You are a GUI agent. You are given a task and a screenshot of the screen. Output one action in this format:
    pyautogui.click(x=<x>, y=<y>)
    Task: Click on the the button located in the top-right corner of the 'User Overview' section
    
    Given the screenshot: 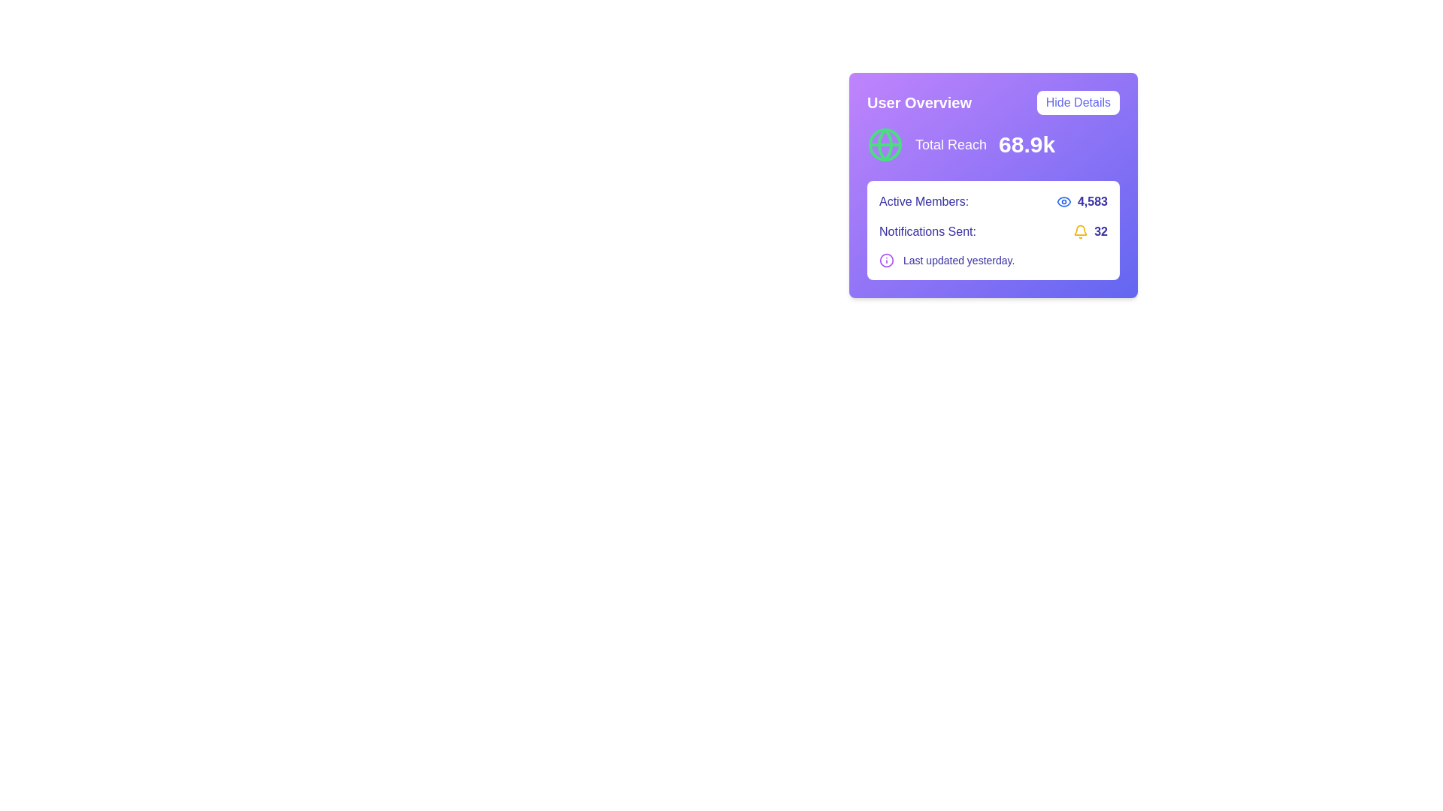 What is the action you would take?
    pyautogui.click(x=1077, y=102)
    